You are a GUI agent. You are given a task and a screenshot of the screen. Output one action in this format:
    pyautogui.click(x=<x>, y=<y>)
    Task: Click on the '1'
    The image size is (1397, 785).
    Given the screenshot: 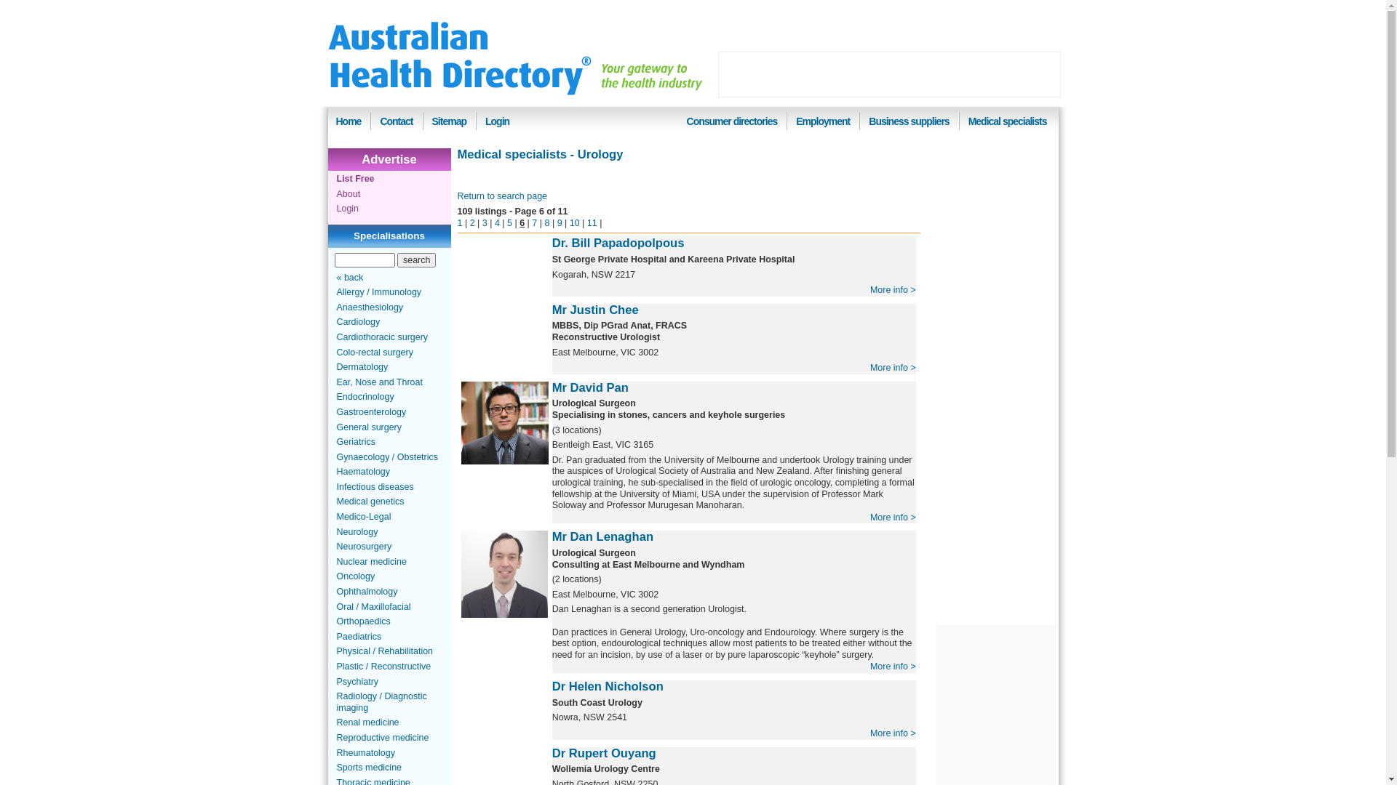 What is the action you would take?
    pyautogui.click(x=458, y=223)
    